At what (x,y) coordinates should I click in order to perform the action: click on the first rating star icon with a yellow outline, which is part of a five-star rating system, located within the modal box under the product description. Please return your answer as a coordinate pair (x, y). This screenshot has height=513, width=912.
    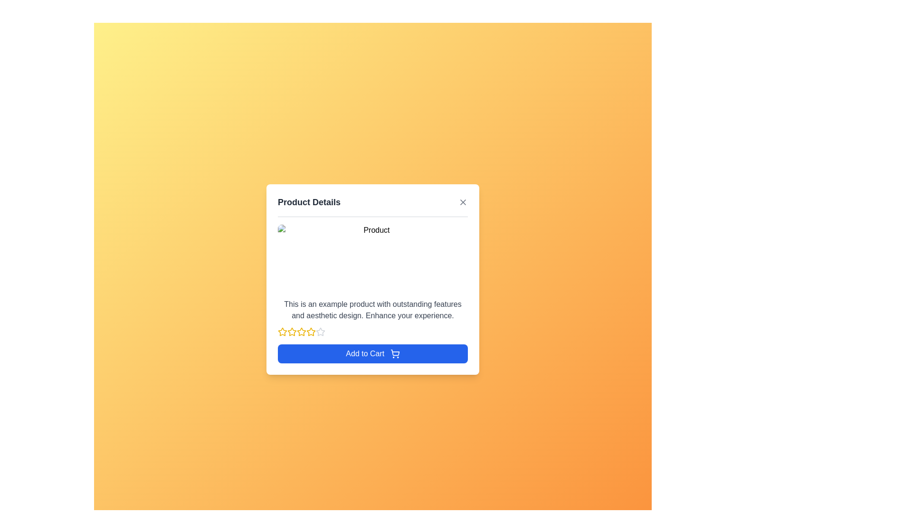
    Looking at the image, I should click on (282, 331).